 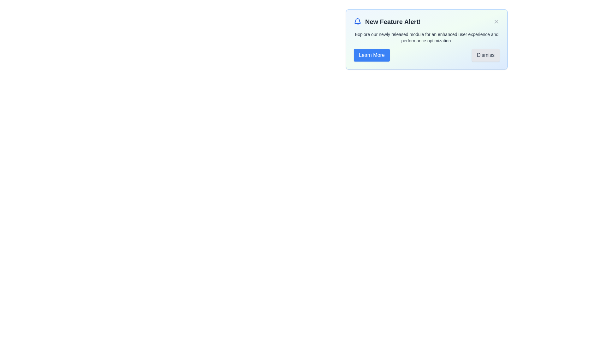 What do you see at coordinates (371, 55) in the screenshot?
I see `the 'Learn More' button to proceed` at bounding box center [371, 55].